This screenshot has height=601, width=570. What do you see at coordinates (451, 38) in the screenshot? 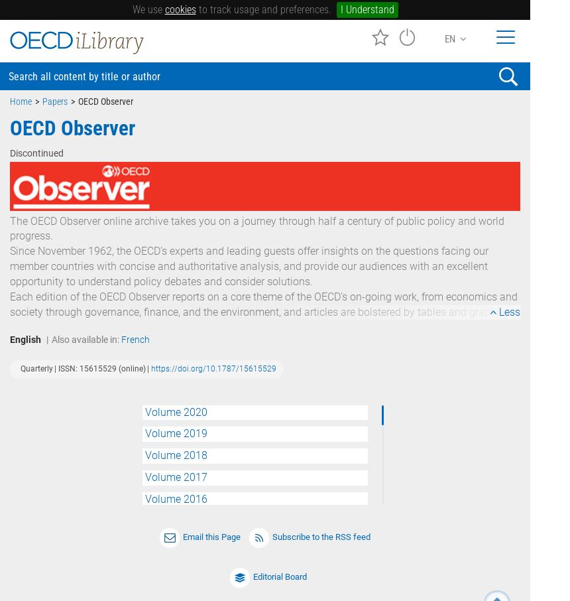
I see `'EN'` at bounding box center [451, 38].